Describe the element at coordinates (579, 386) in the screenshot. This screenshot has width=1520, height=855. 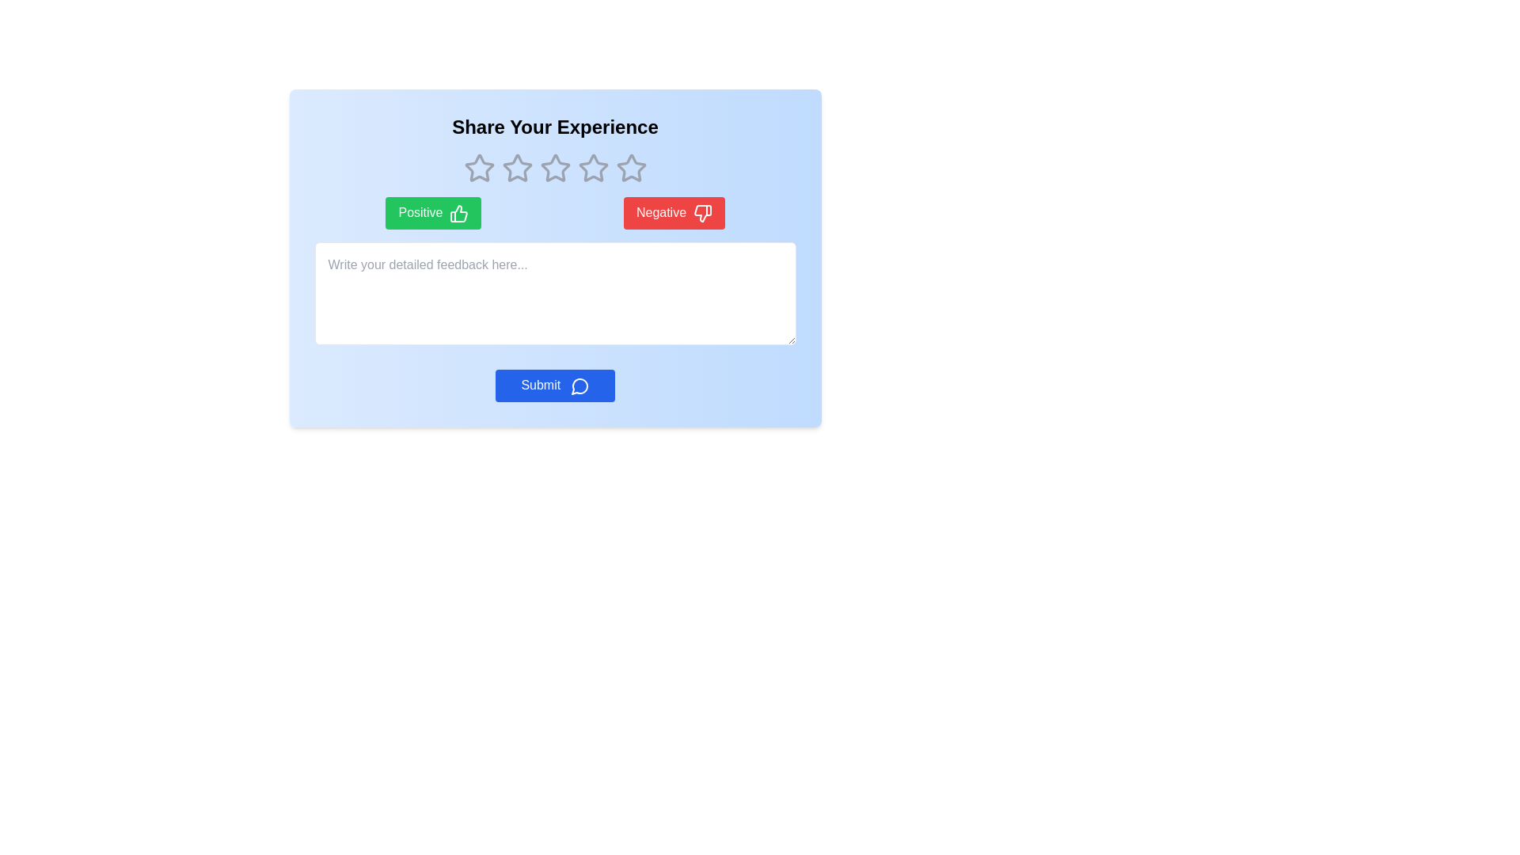
I see `the embellishment icon located at the right end of the blue 'Submit' button at the bottom center of the interface` at that location.